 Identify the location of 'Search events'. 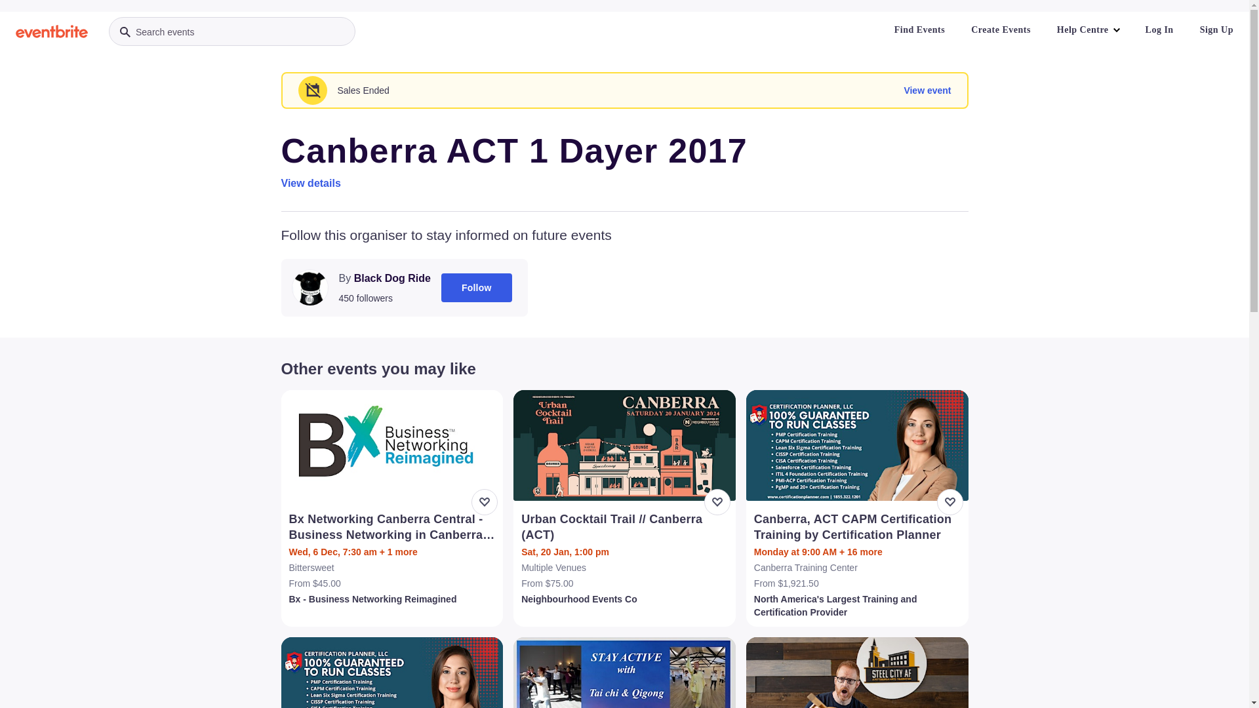
(232, 30).